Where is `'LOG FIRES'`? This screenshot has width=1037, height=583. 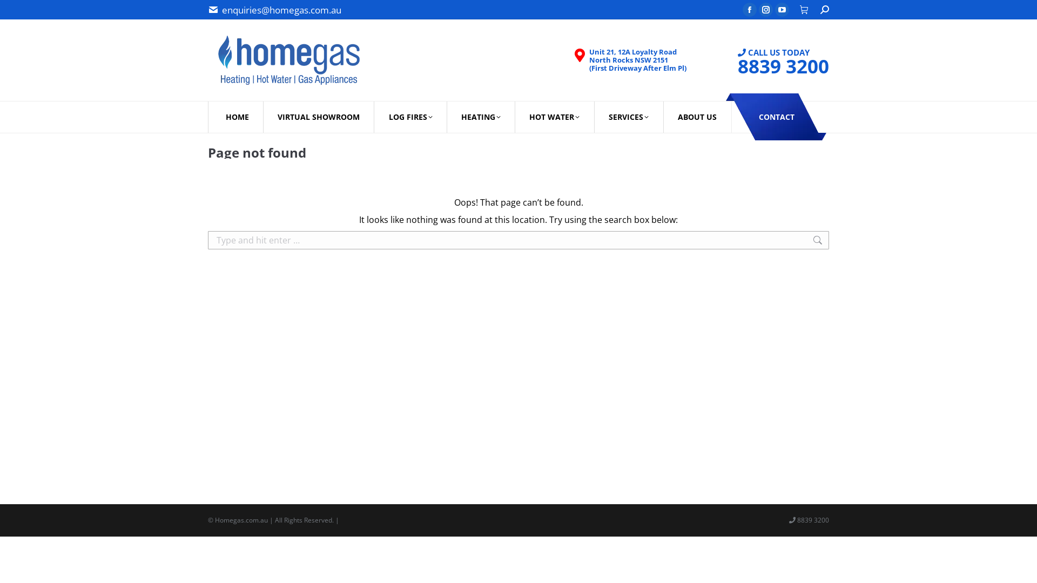 'LOG FIRES' is located at coordinates (409, 117).